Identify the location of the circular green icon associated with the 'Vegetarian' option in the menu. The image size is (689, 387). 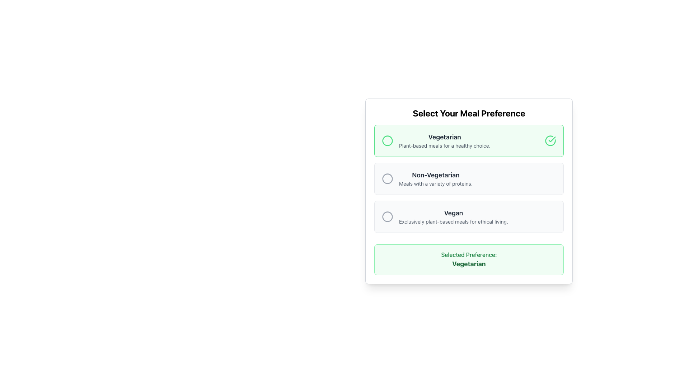
(387, 141).